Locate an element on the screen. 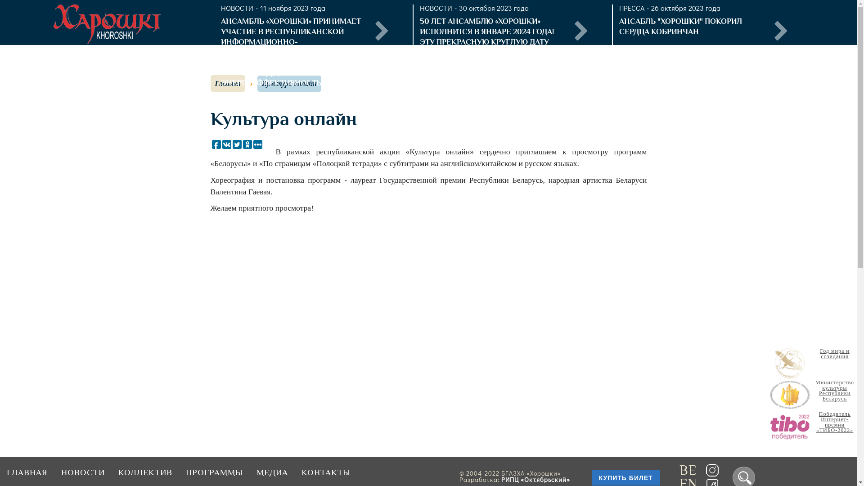 The image size is (864, 486). 'Instagramm' is located at coordinates (712, 474).